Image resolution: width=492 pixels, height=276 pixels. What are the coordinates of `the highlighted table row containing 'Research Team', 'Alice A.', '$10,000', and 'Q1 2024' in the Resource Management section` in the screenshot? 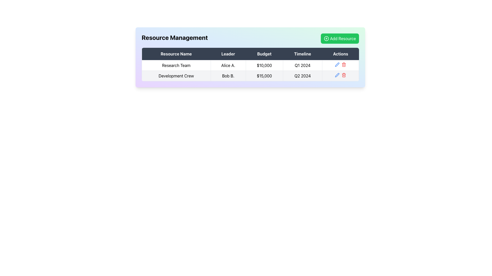 It's located at (250, 65).